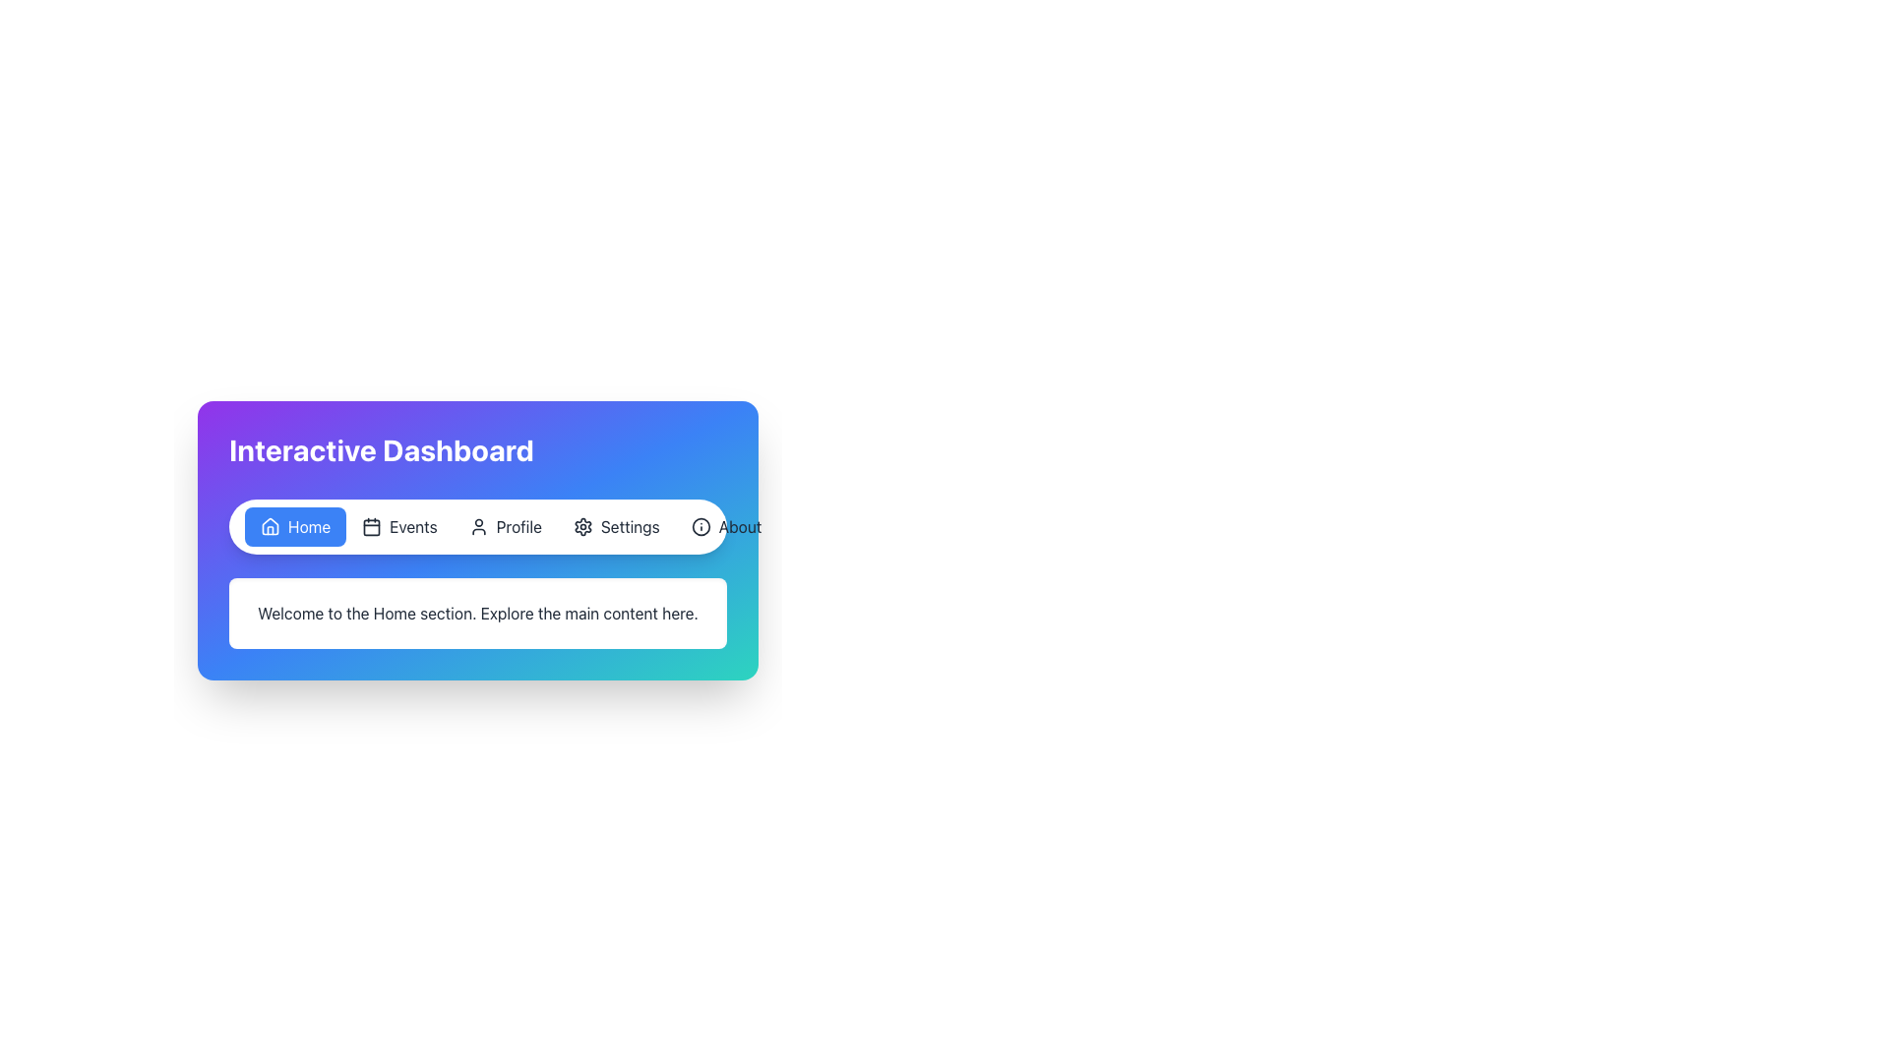 This screenshot has width=1889, height=1062. Describe the element at coordinates (398, 526) in the screenshot. I see `the 'Events' button, which is the second button from the left in the navigation bar` at that location.